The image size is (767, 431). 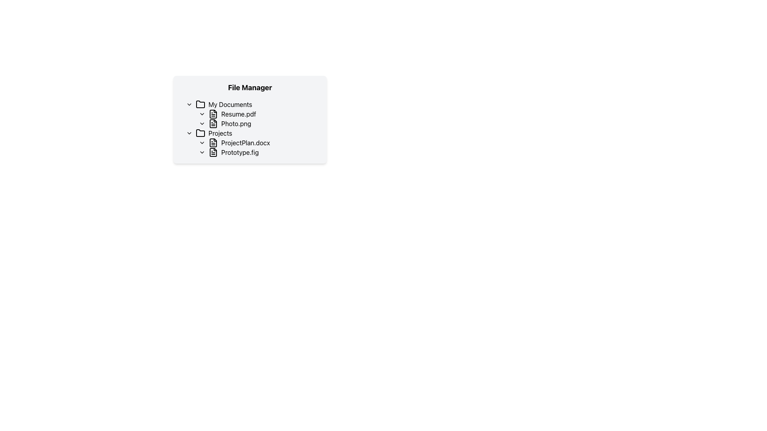 What do you see at coordinates (224, 104) in the screenshot?
I see `the 'My Documents' label with folder icon` at bounding box center [224, 104].